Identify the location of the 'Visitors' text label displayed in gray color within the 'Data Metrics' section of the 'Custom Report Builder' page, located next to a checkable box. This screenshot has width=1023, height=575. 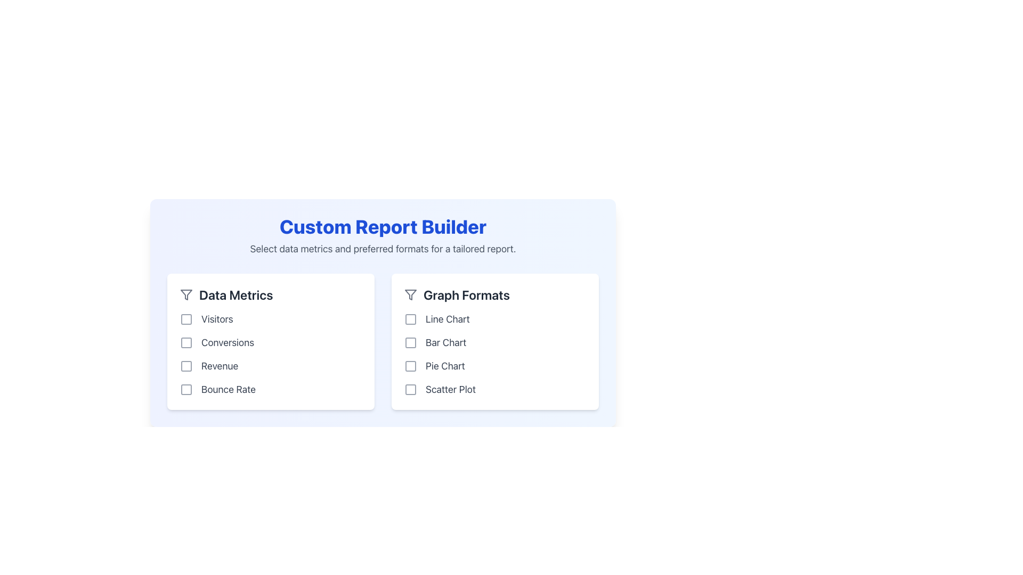
(216, 319).